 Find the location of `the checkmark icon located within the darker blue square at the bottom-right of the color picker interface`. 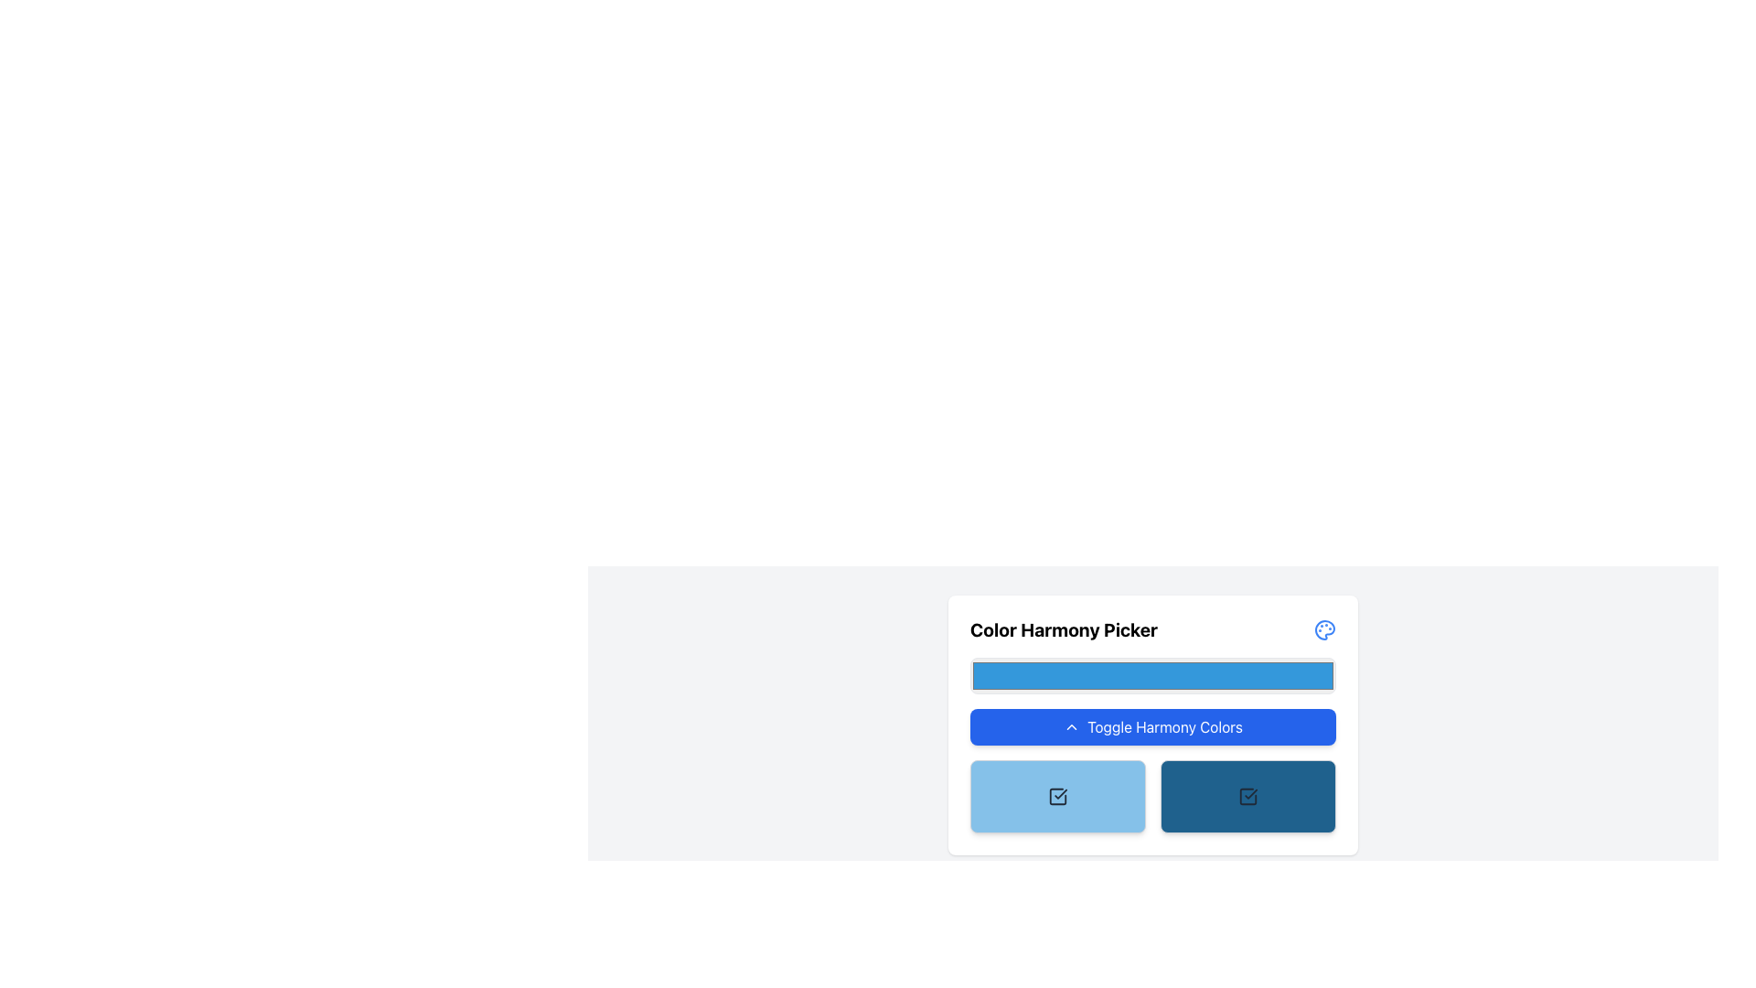

the checkmark icon located within the darker blue square at the bottom-right of the color picker interface is located at coordinates (1250, 792).